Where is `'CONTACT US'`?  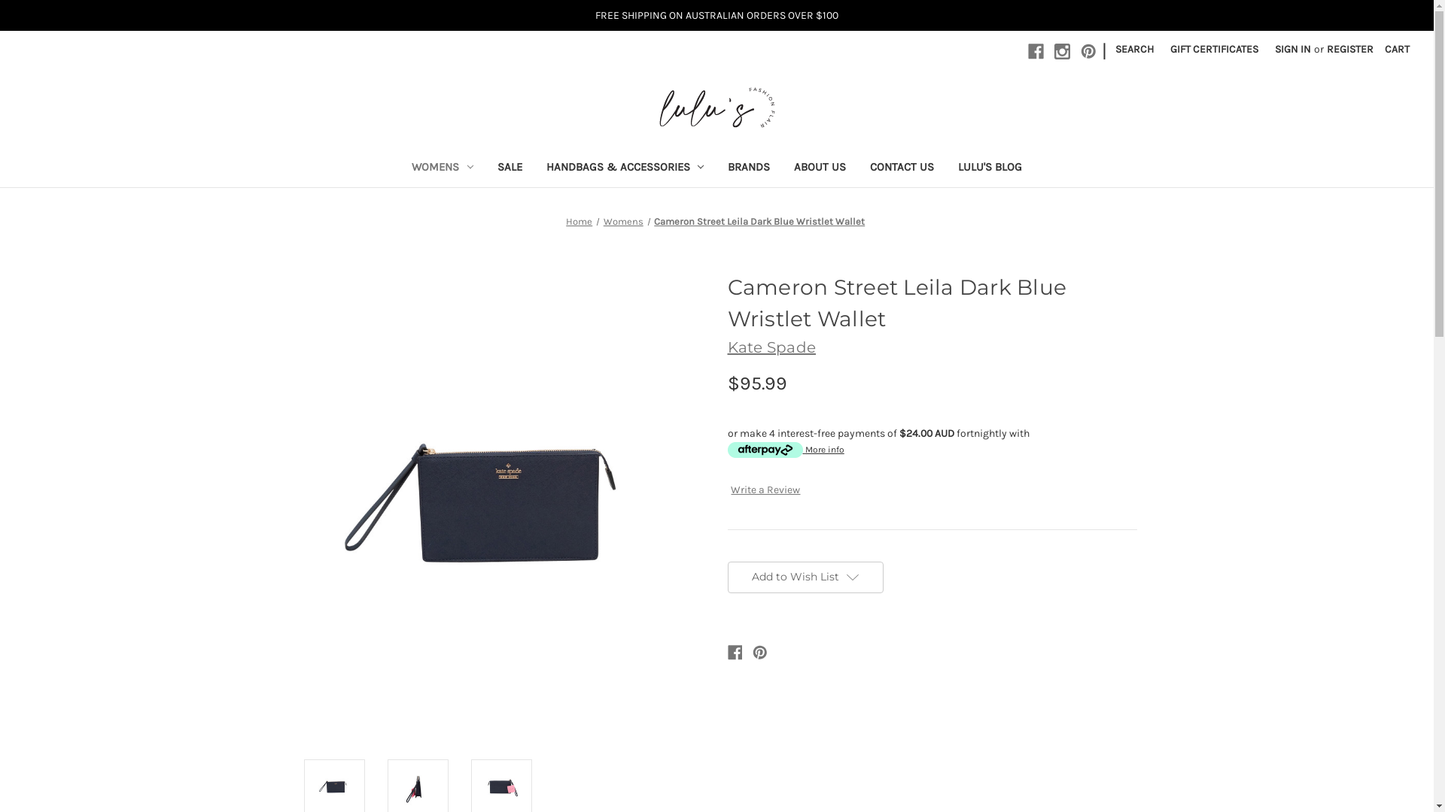 'CONTACT US' is located at coordinates (902, 168).